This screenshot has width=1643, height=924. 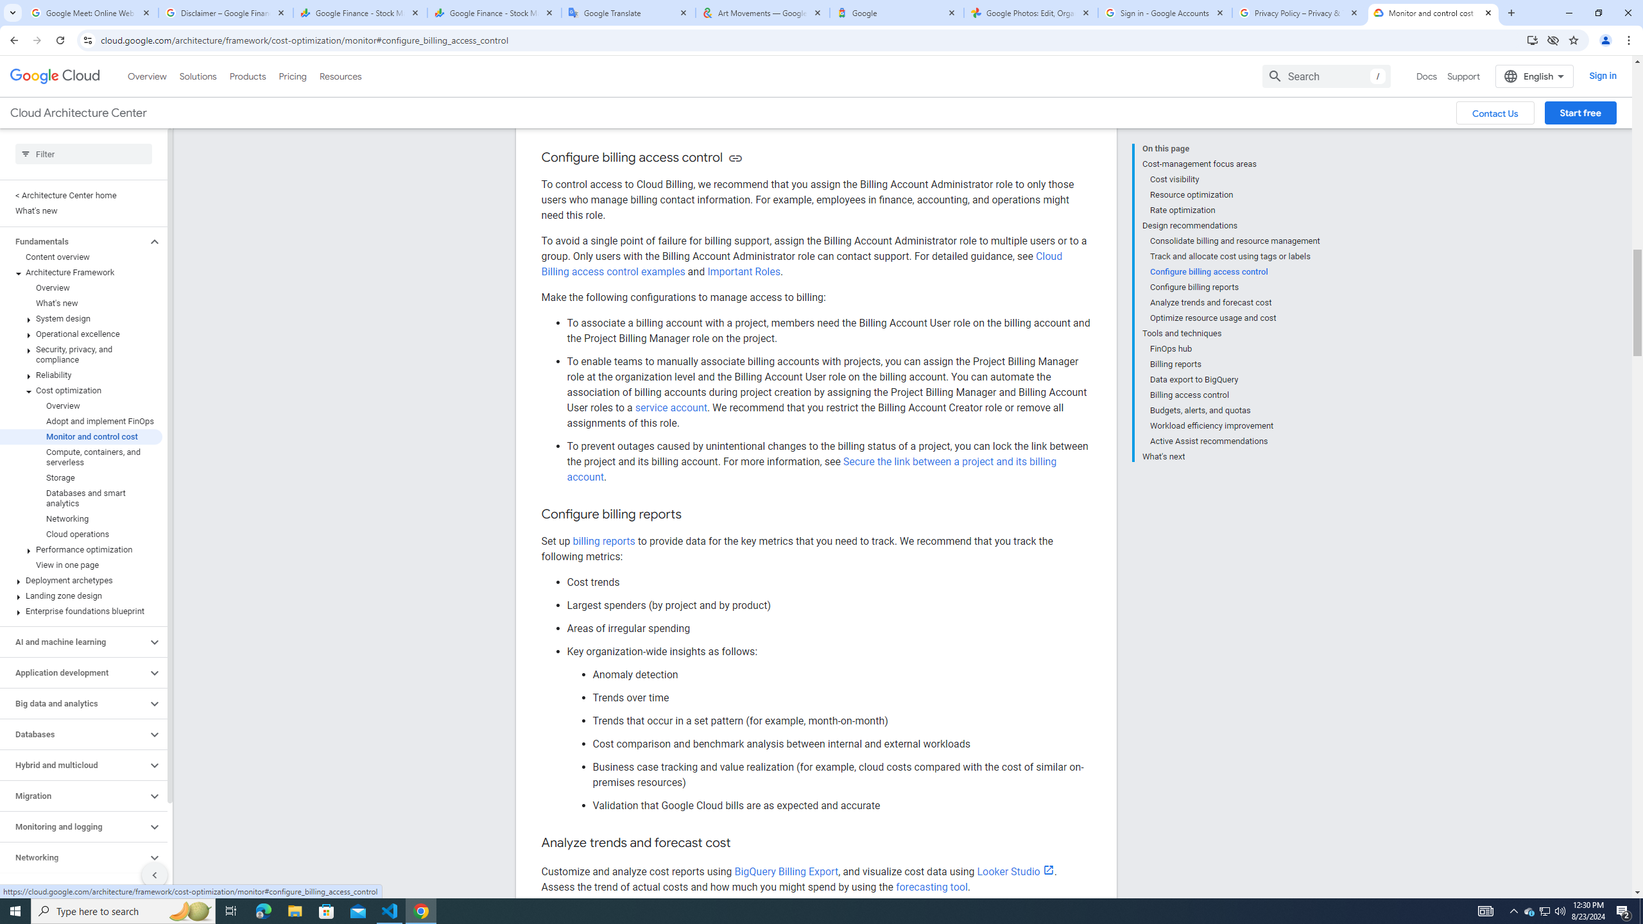 I want to click on 'Compute, containers, and serverless', so click(x=81, y=457).